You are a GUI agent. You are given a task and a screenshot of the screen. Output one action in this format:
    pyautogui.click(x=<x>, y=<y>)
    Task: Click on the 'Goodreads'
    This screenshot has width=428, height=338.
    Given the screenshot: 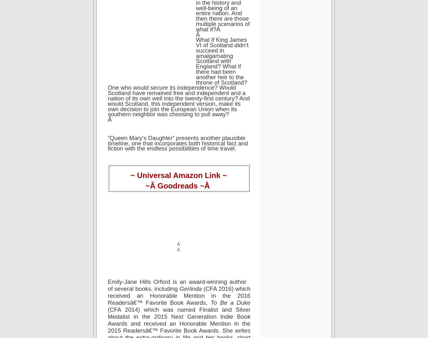 What is the action you would take?
    pyautogui.click(x=177, y=186)
    